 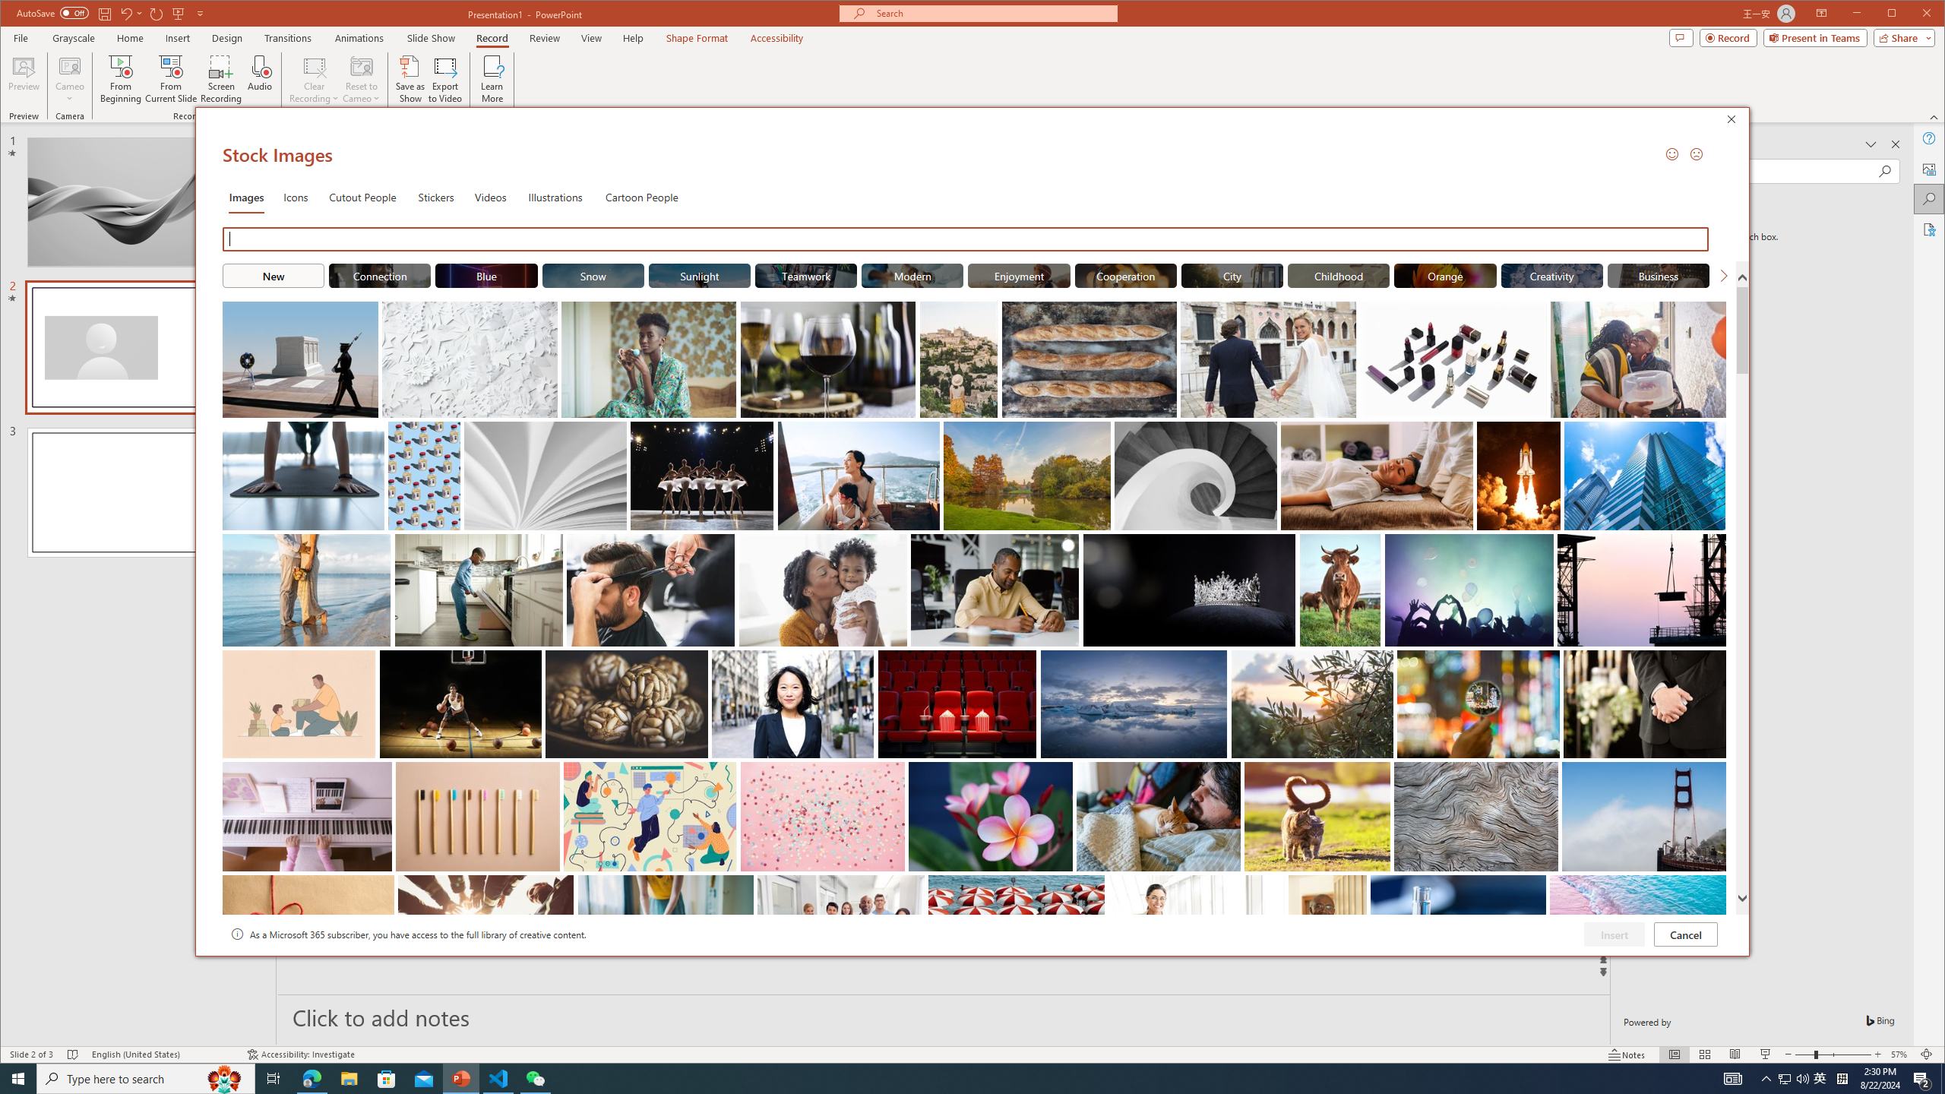 What do you see at coordinates (536, 1077) in the screenshot?
I see `'WeChat - 1 running window'` at bounding box center [536, 1077].